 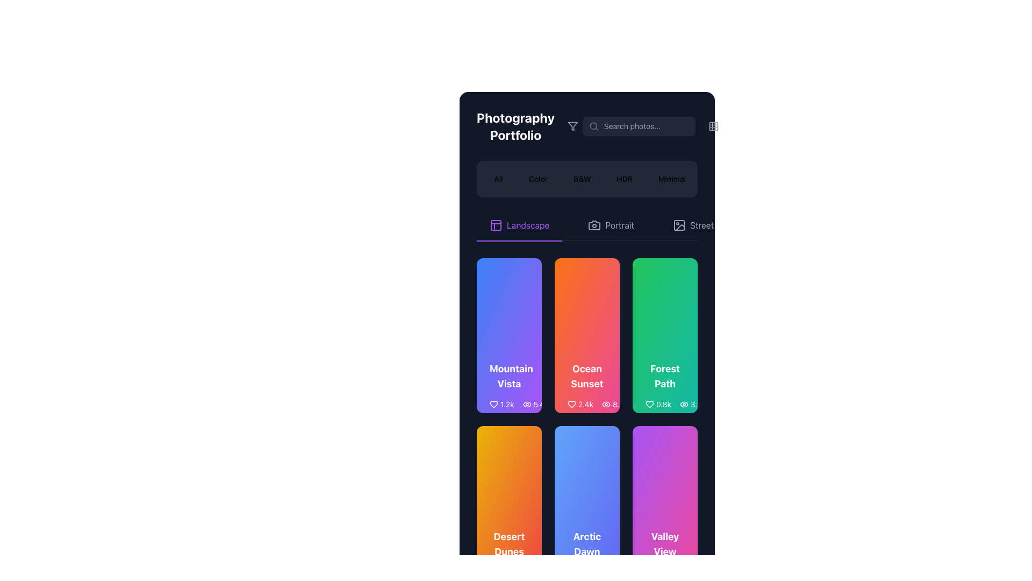 What do you see at coordinates (567, 405) in the screenshot?
I see `the 'like' button associated with the 'Ocean Sunset' post` at bounding box center [567, 405].